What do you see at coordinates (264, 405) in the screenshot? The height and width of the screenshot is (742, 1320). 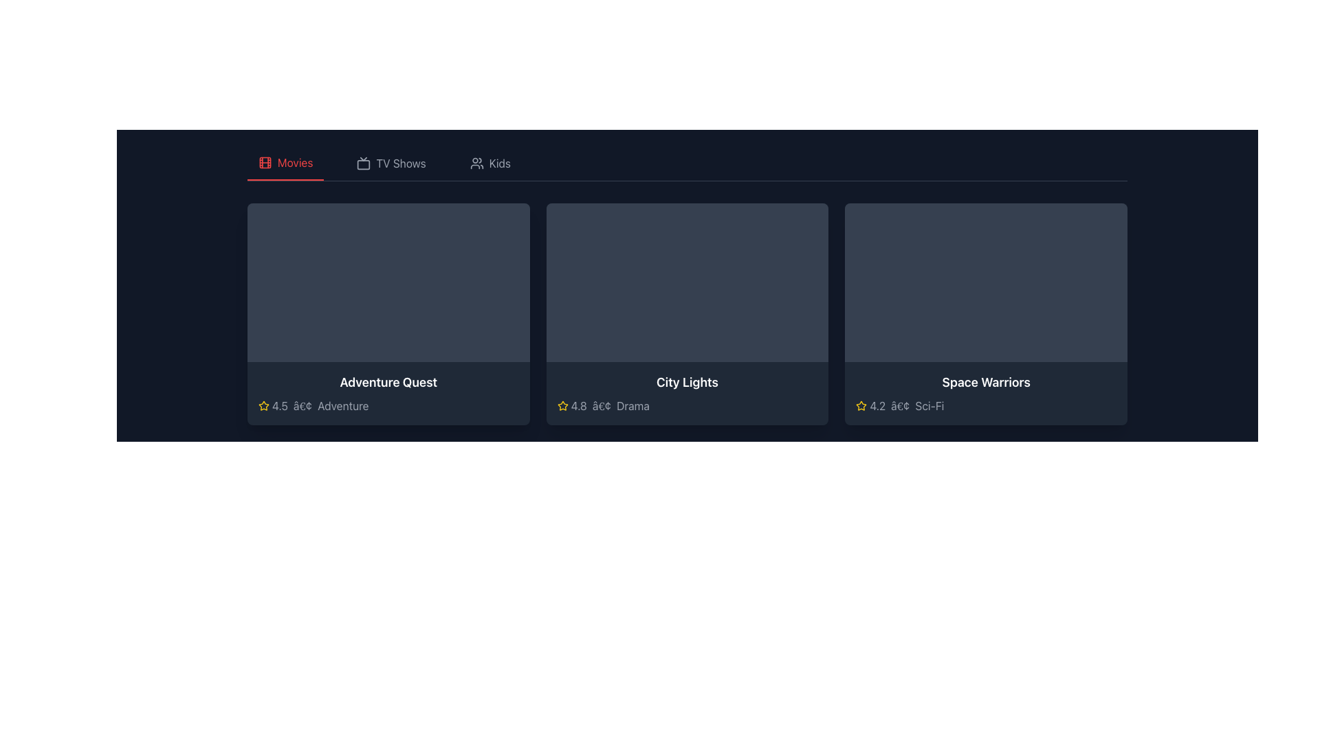 I see `the star-shaped yellow icon that represents a rating, located next to the text '4.5'` at bounding box center [264, 405].